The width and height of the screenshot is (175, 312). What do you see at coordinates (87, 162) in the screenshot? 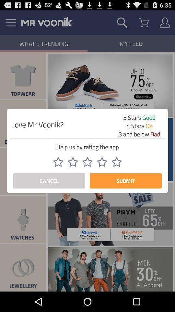
I see `rate it with 3 stars` at bounding box center [87, 162].